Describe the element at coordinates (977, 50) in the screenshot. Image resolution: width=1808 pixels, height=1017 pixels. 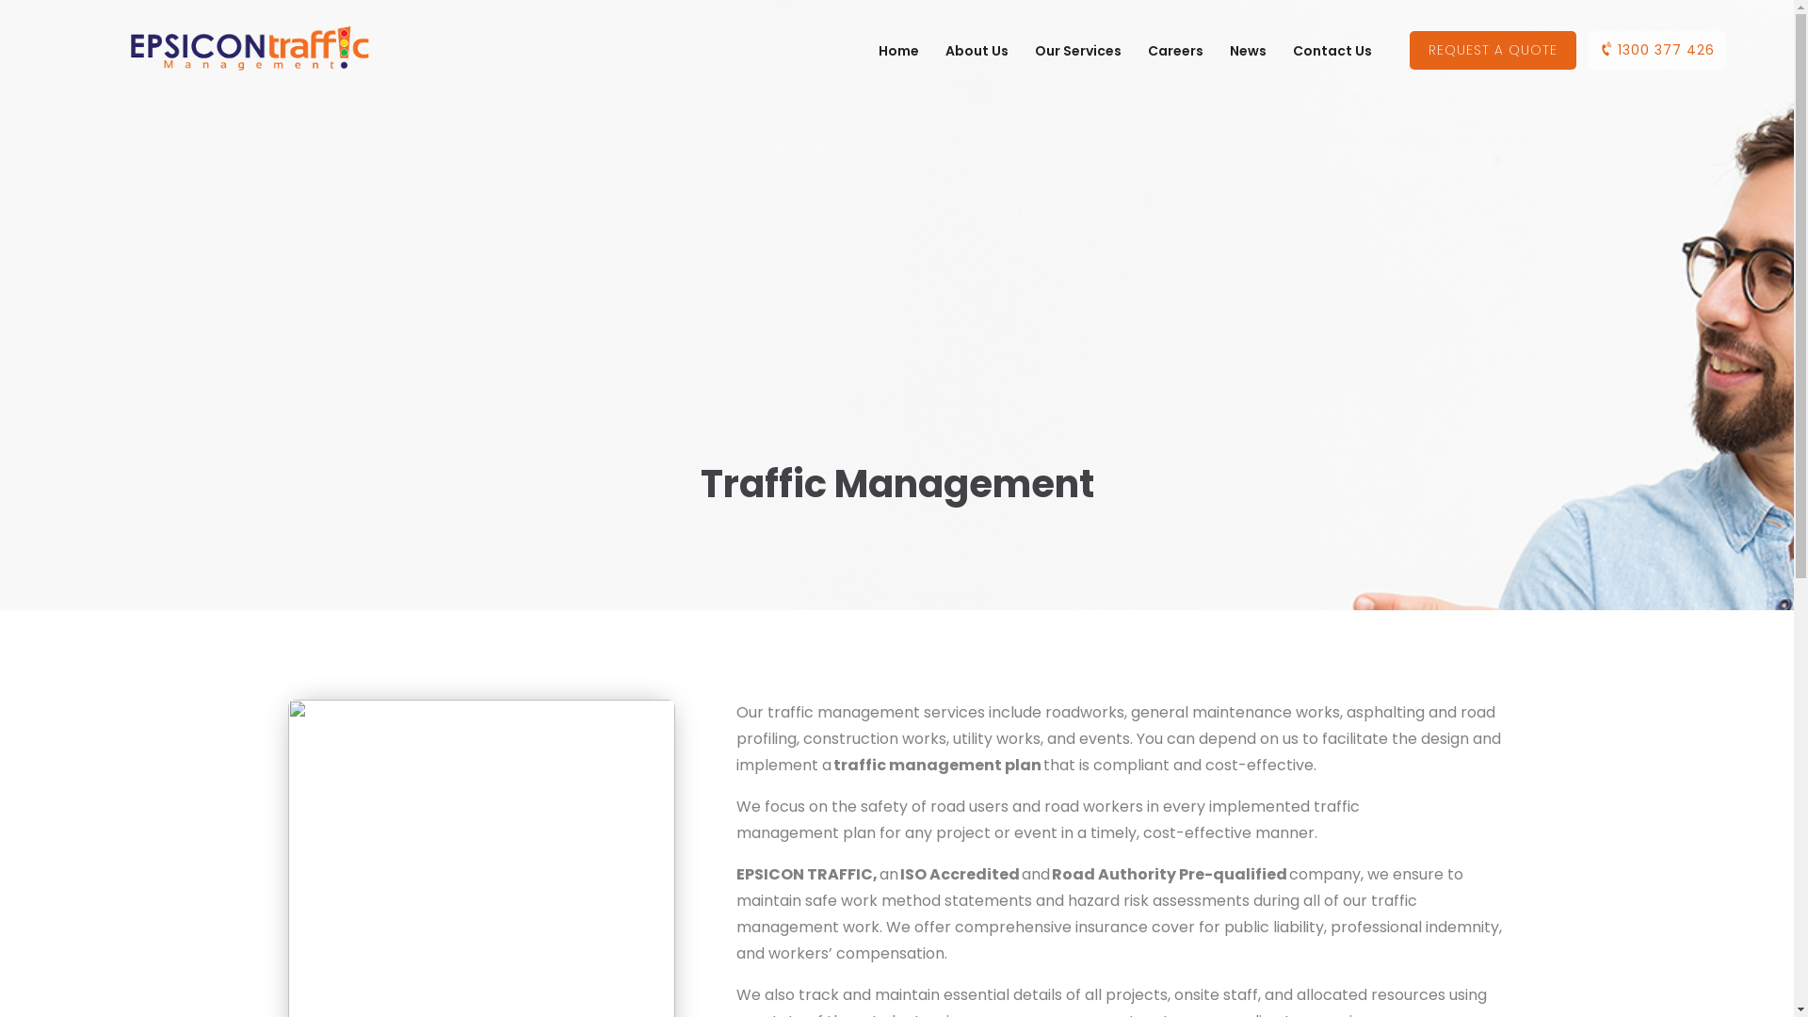
I see `'About Us'` at that location.